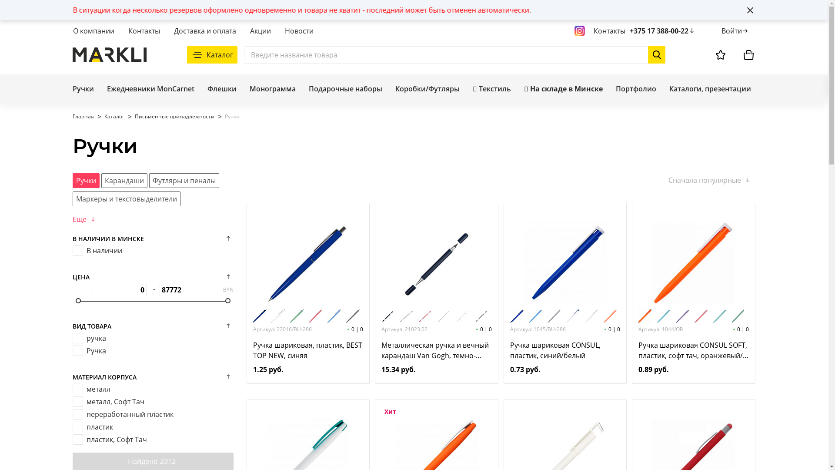 The width and height of the screenshot is (835, 470). I want to click on '+375 17 388-00-22', so click(662, 30).